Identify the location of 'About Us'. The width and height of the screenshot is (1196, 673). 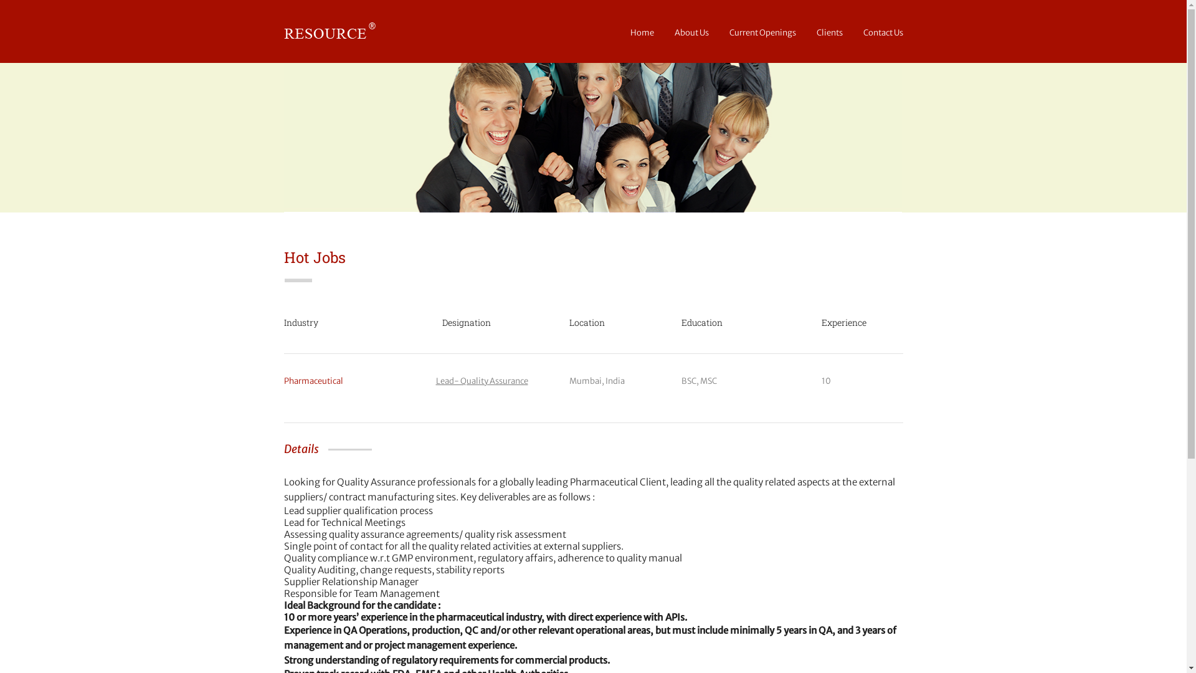
(673, 32).